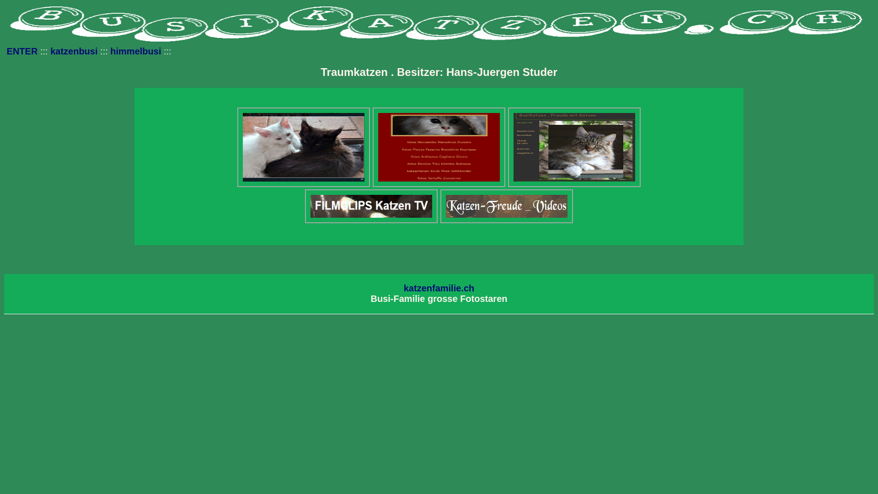  What do you see at coordinates (439, 287) in the screenshot?
I see `'katzenfamilie.ch'` at bounding box center [439, 287].